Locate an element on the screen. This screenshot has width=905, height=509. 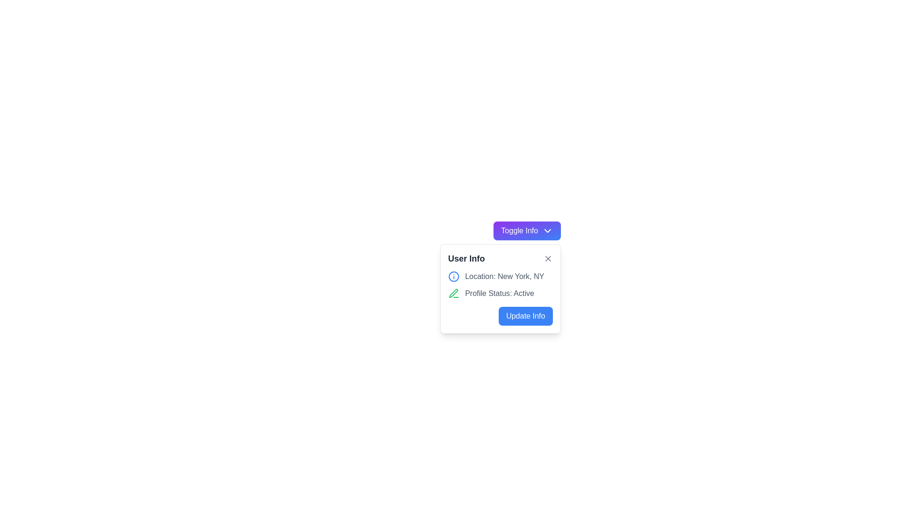
the text label displaying 'Profile Status: Active' with a green icon, located below 'Location: New York, NY' in the card-like interface is located at coordinates (500, 293).